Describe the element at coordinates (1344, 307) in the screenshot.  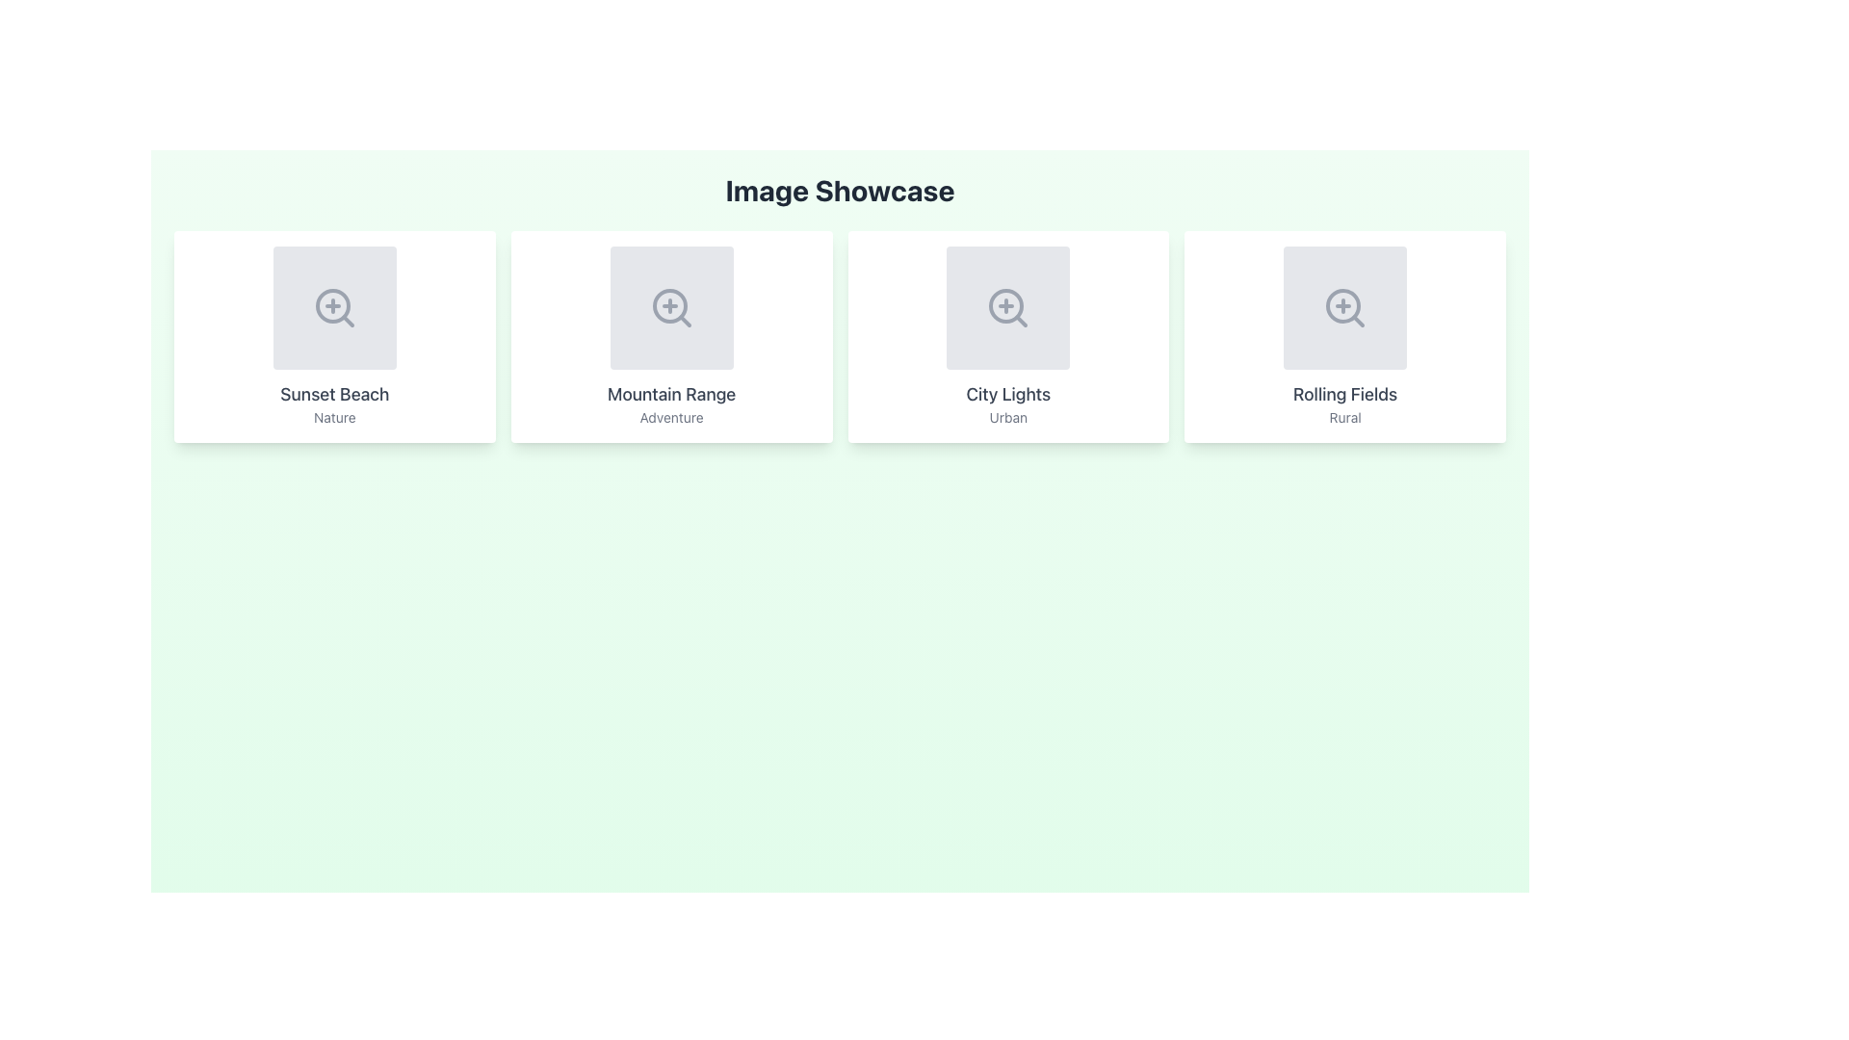
I see `the zoom-in icon button located on the fourth card labeled 'Rolling Fields'` at that location.